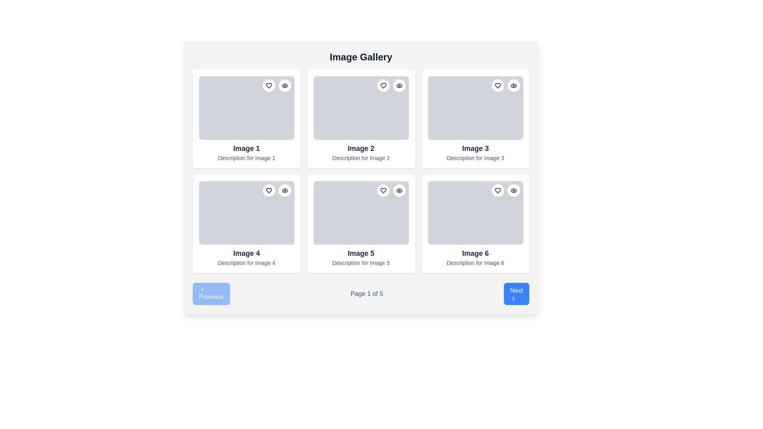 This screenshot has height=429, width=763. I want to click on the heart-shaped icon with a hollow center, located in the top-right corner of 'Image 3', to mark it as favorite, so click(497, 86).